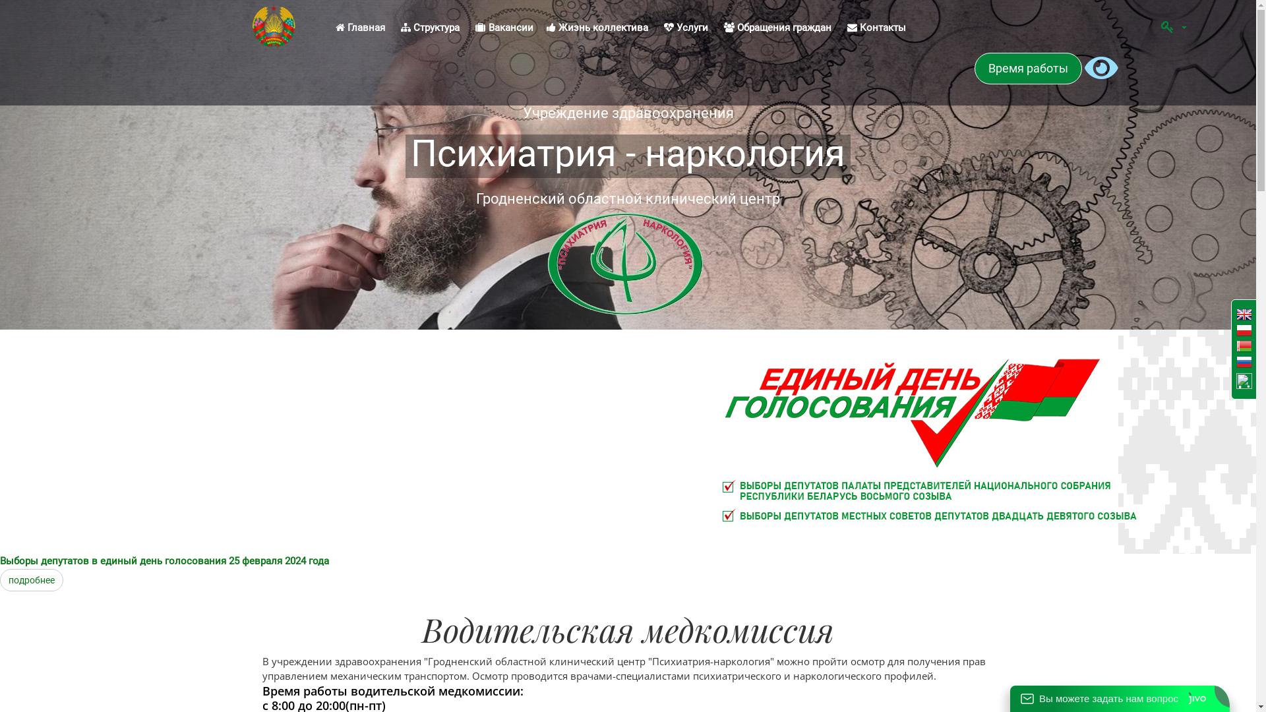  What do you see at coordinates (1243, 316) in the screenshot?
I see `'English'` at bounding box center [1243, 316].